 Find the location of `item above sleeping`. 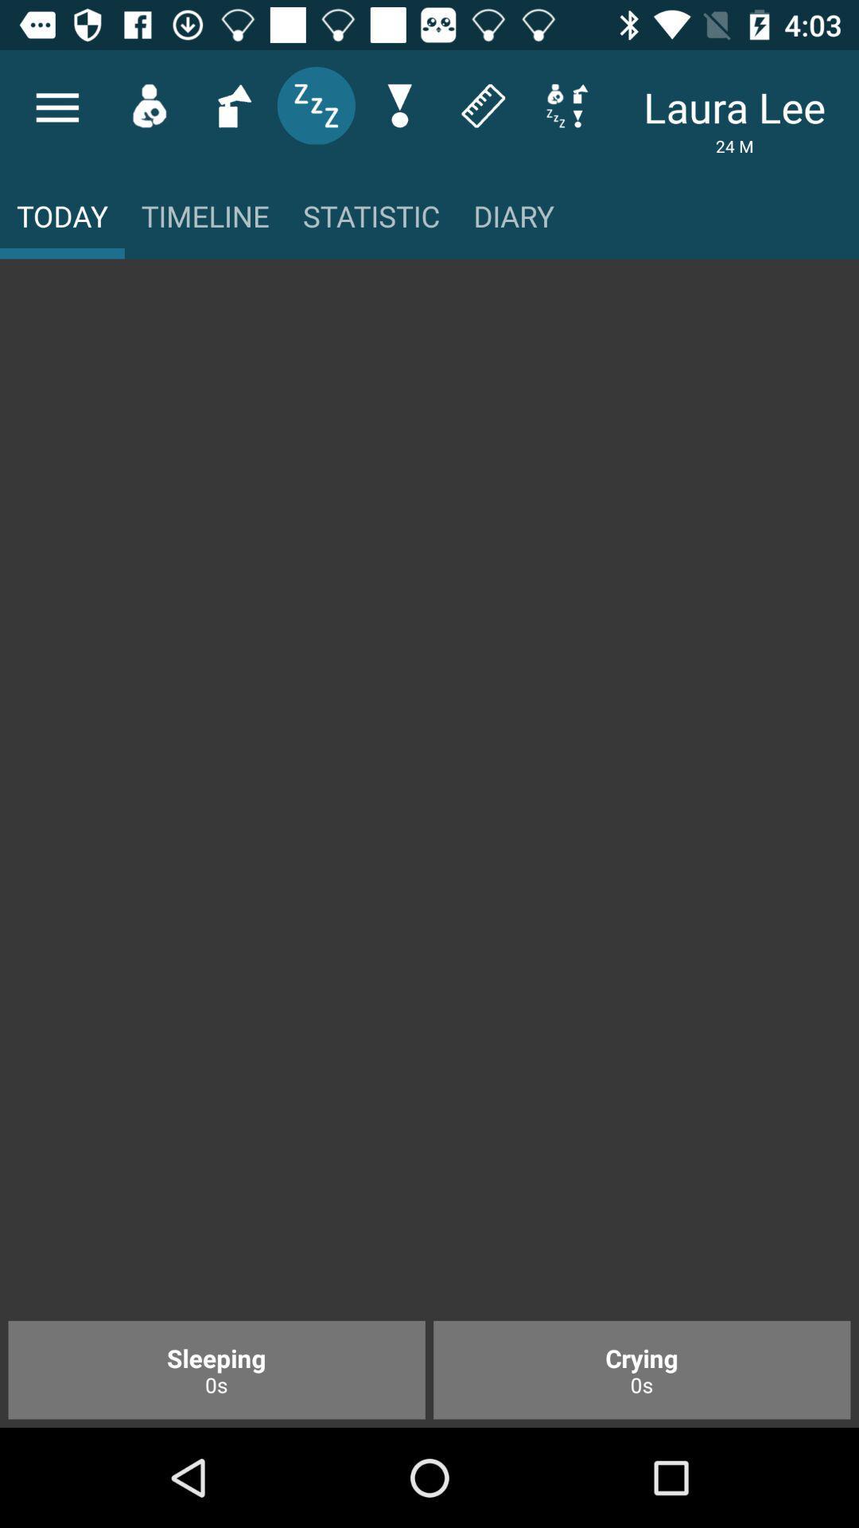

item above sleeping is located at coordinates (429, 798).